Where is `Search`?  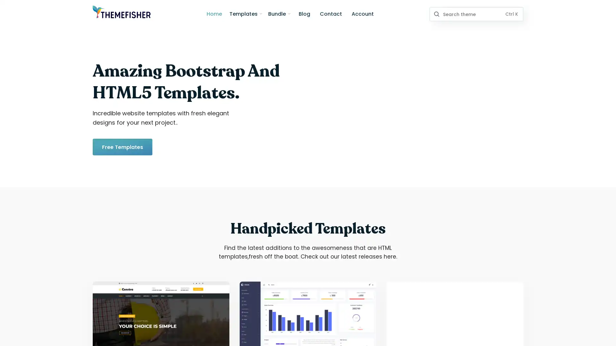 Search is located at coordinates (436, 14).